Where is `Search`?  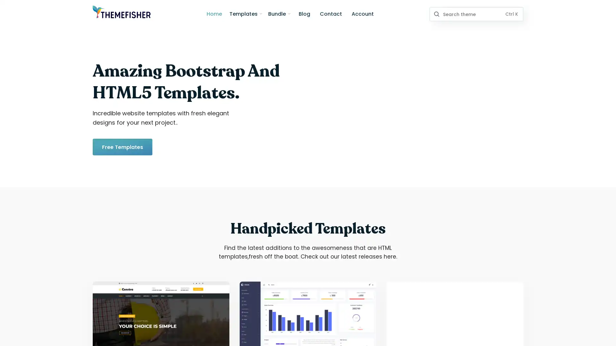 Search is located at coordinates (436, 14).